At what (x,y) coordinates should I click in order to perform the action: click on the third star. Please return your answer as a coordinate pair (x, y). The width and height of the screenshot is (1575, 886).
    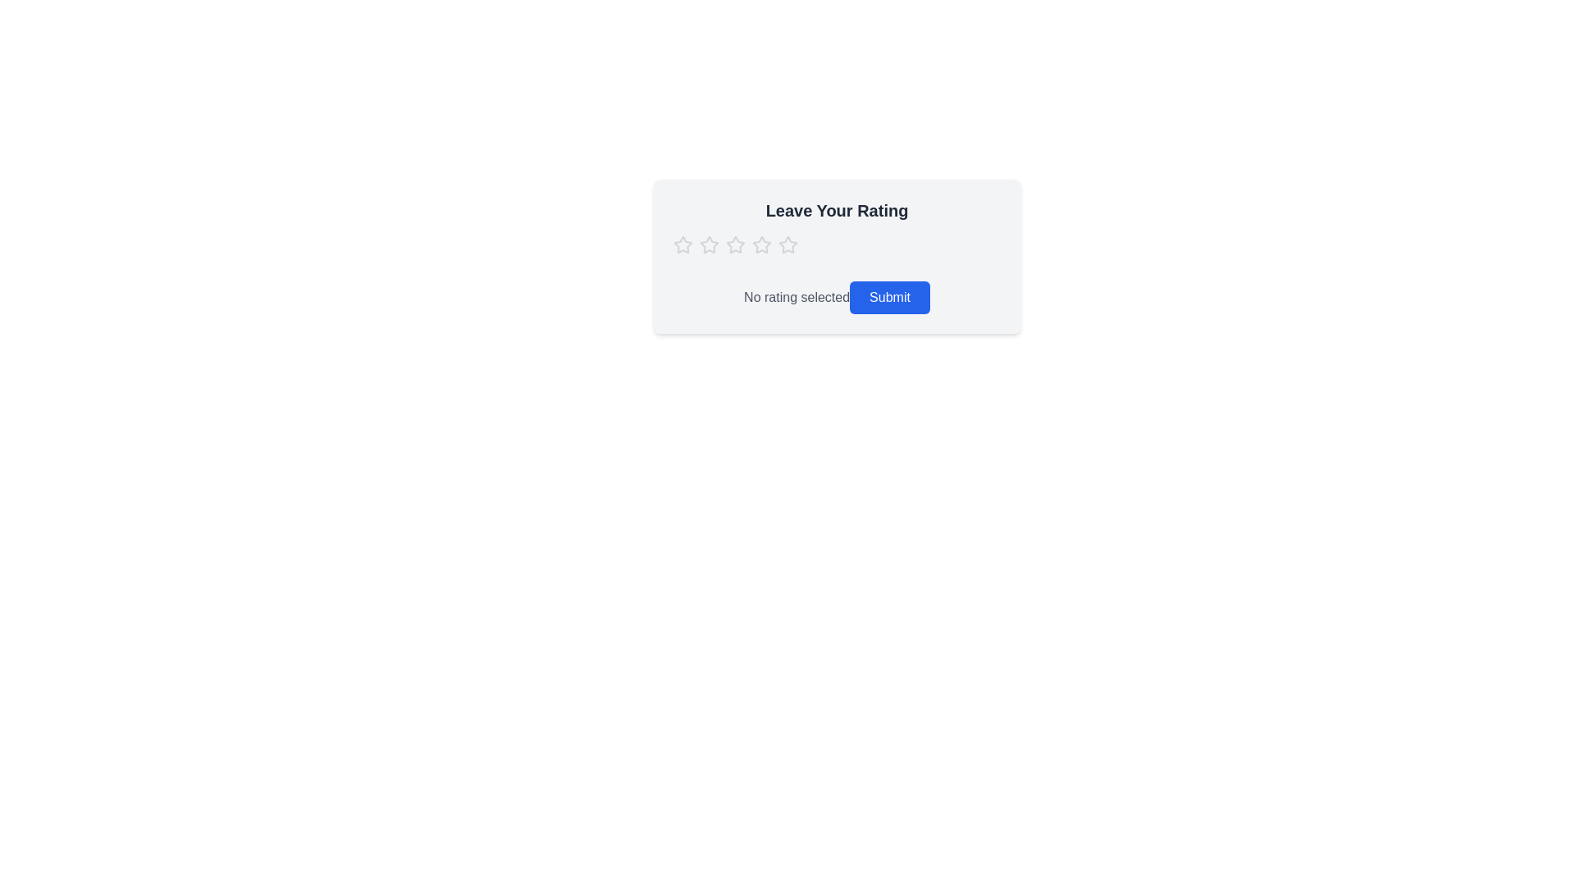
    Looking at the image, I should click on (787, 244).